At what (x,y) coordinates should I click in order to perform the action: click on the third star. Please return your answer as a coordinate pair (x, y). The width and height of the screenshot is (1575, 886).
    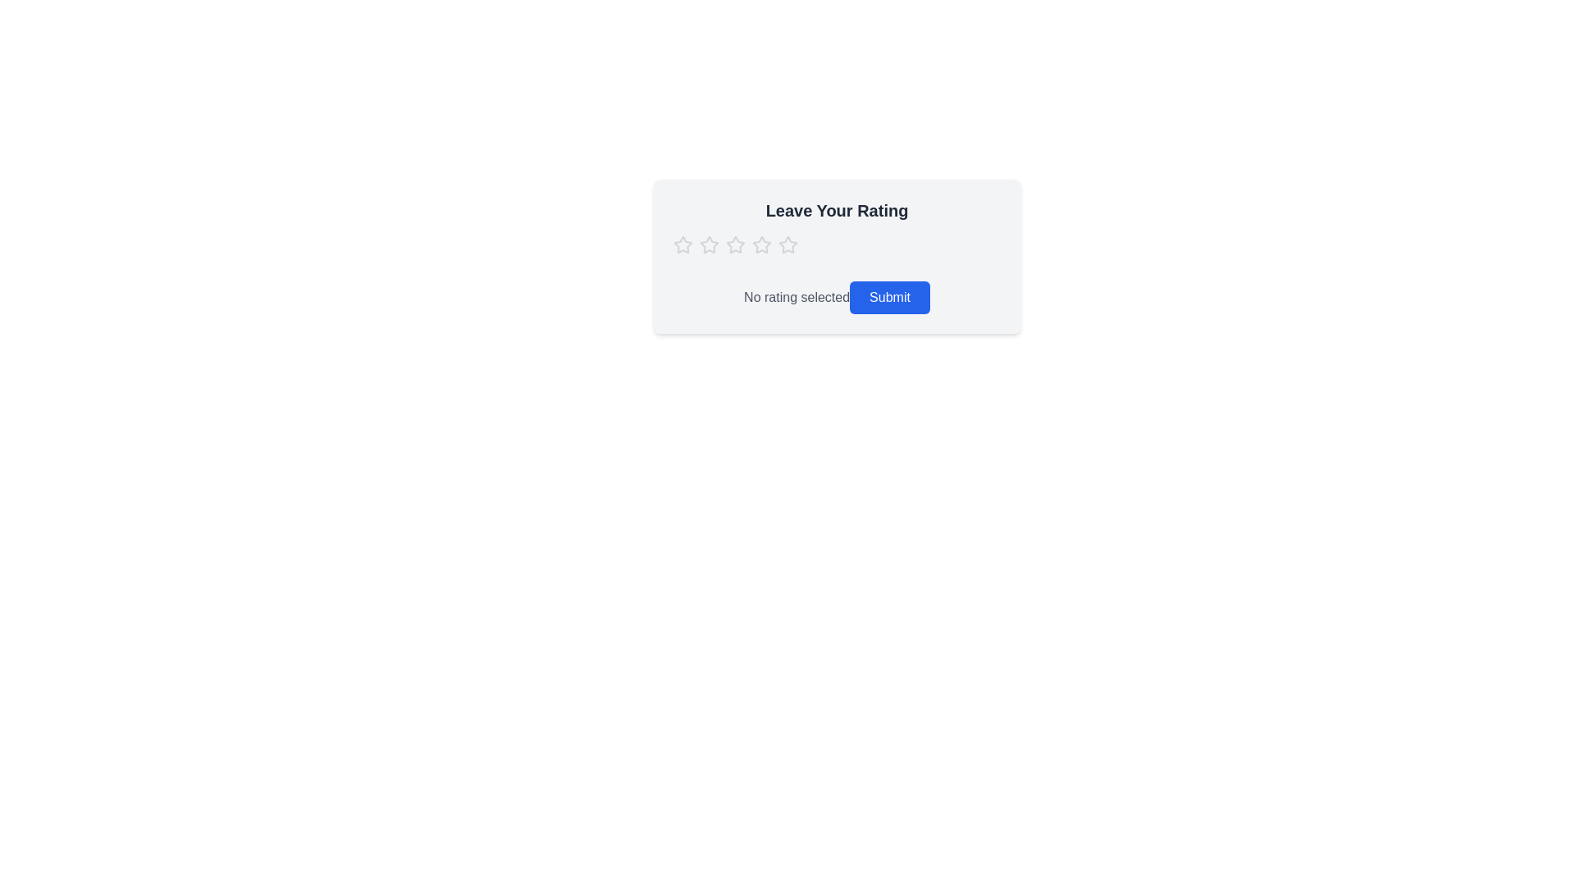
    Looking at the image, I should click on (787, 244).